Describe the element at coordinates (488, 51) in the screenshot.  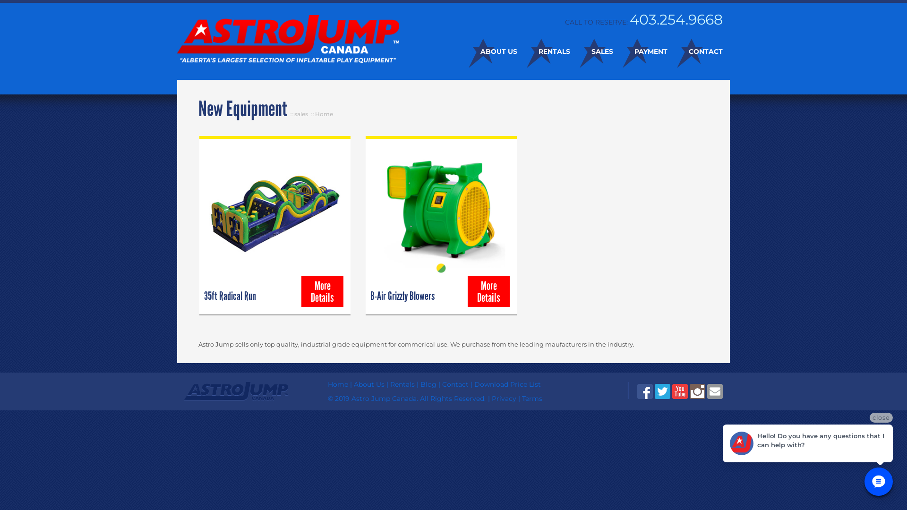
I see `'ABOUT US'` at that location.